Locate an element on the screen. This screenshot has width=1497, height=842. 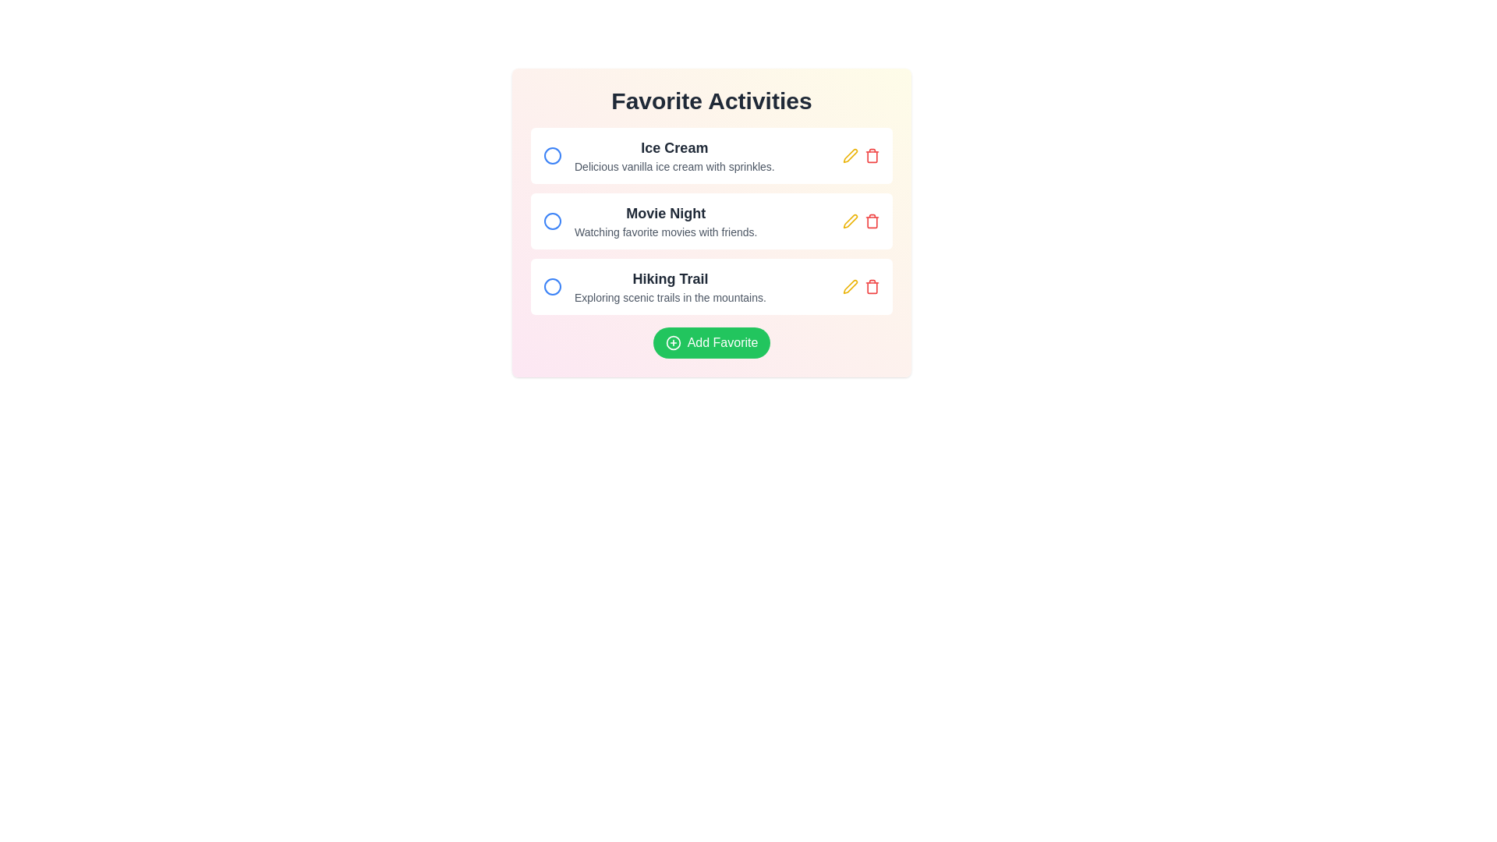
the first item is located at coordinates (658, 156).